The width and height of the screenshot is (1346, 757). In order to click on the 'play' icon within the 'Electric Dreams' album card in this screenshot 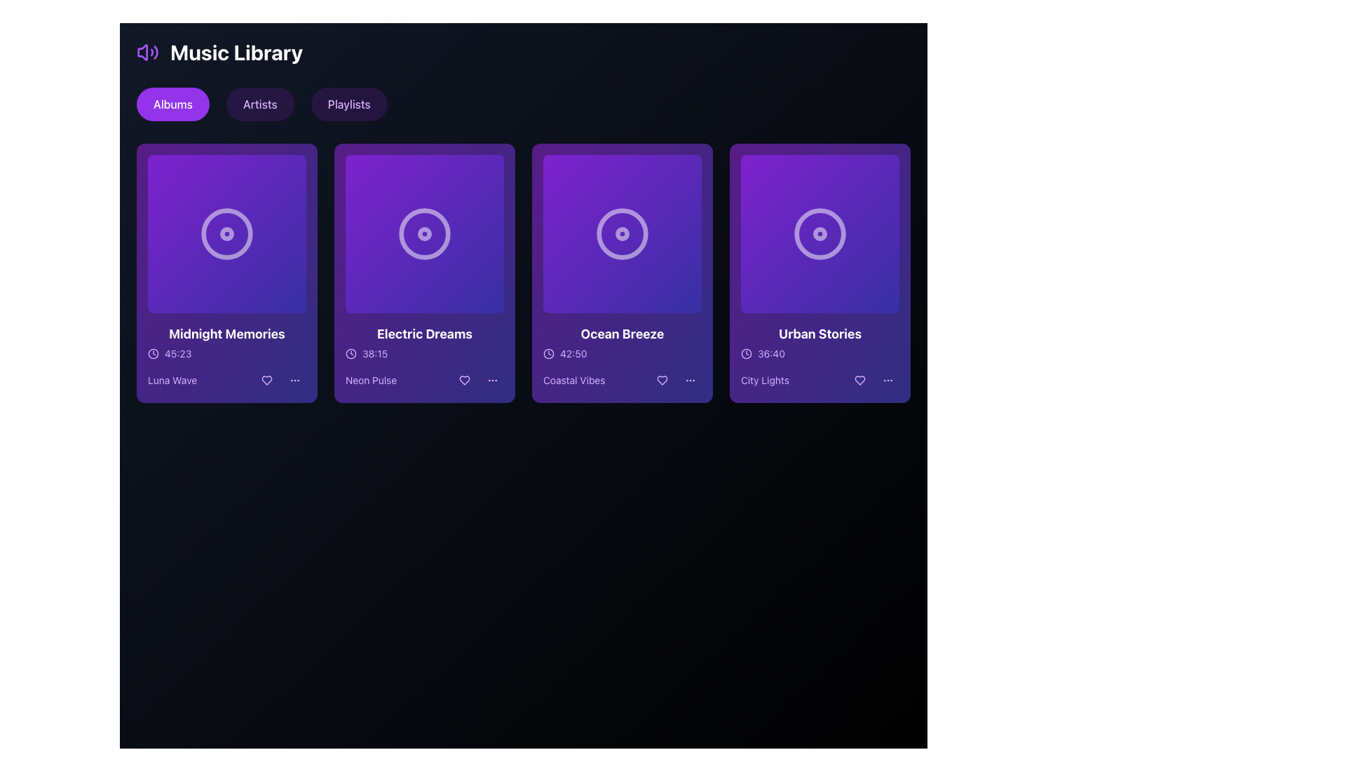, I will do `click(426, 233)`.